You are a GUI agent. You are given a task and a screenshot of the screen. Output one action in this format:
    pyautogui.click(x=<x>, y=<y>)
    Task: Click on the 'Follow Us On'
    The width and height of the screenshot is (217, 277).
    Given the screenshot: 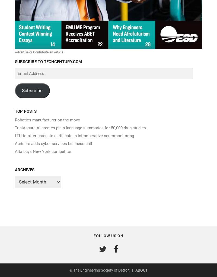 What is the action you would take?
    pyautogui.click(x=108, y=236)
    